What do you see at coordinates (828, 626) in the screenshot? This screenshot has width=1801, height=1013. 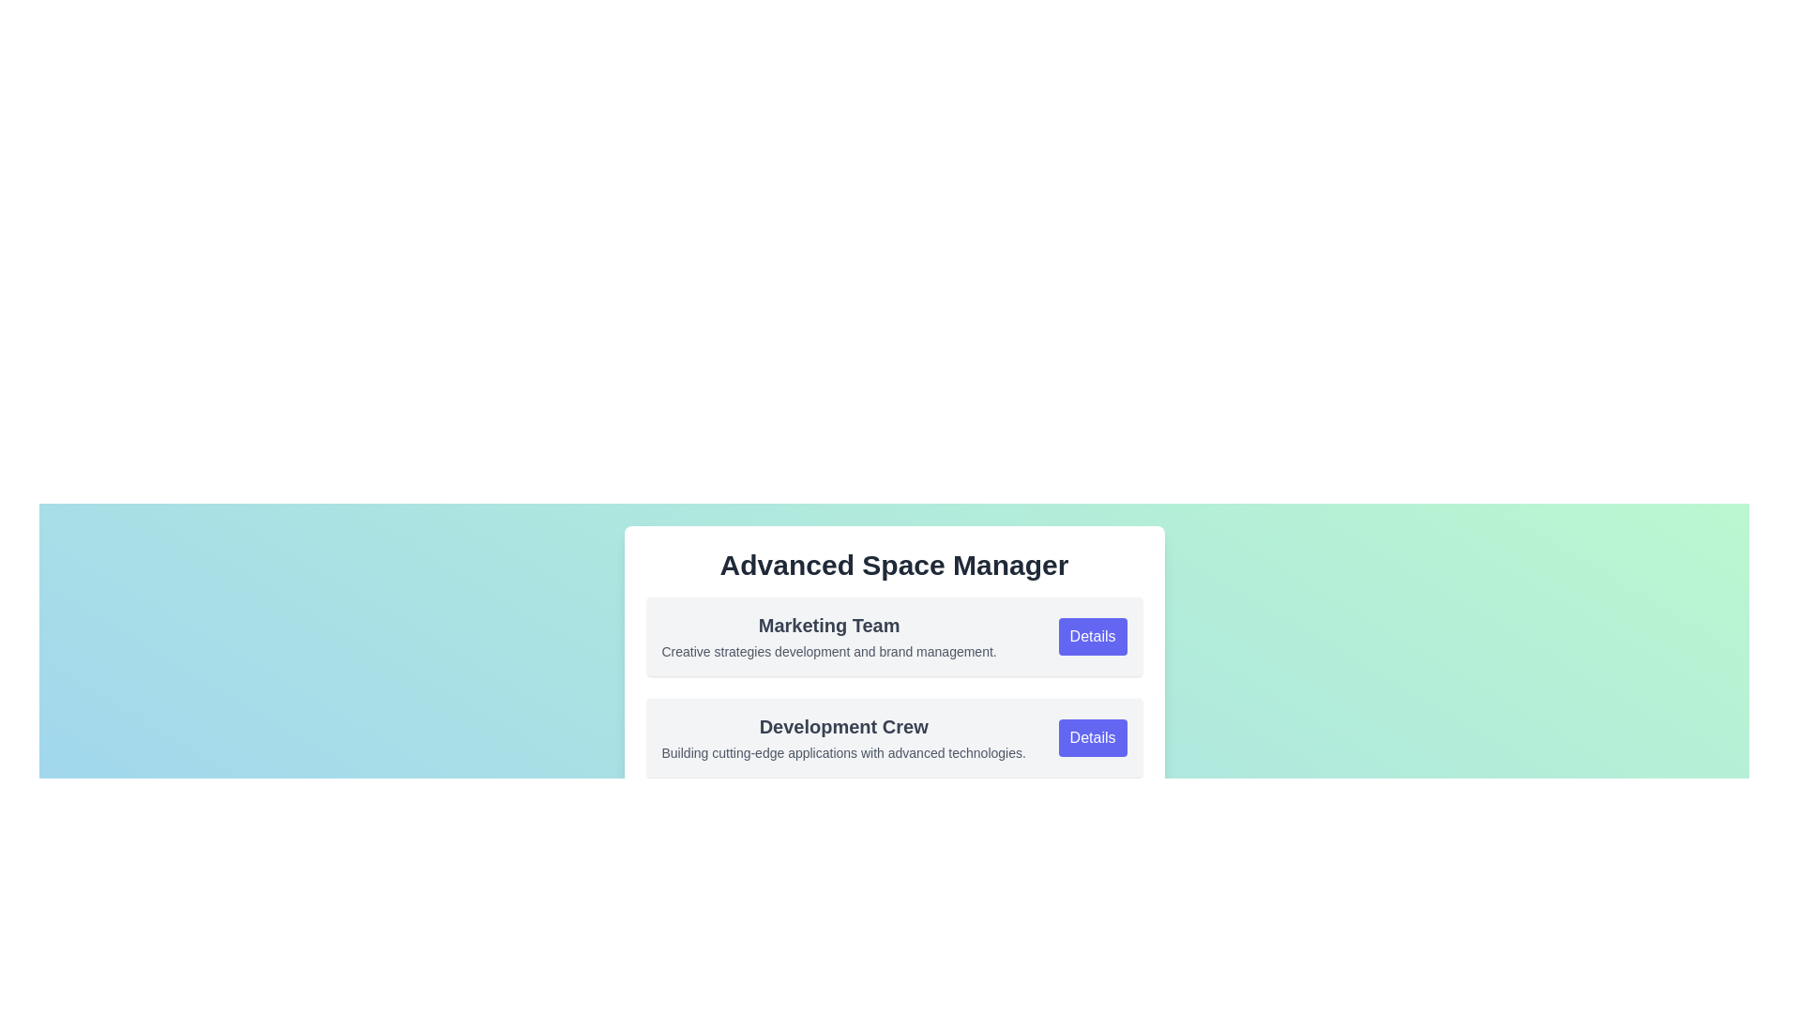 I see `the Text Label that denotes the name or title of the 'Marketing Team', which is centrally aligned within the 'Advanced Space Manager' card-like section` at bounding box center [828, 626].